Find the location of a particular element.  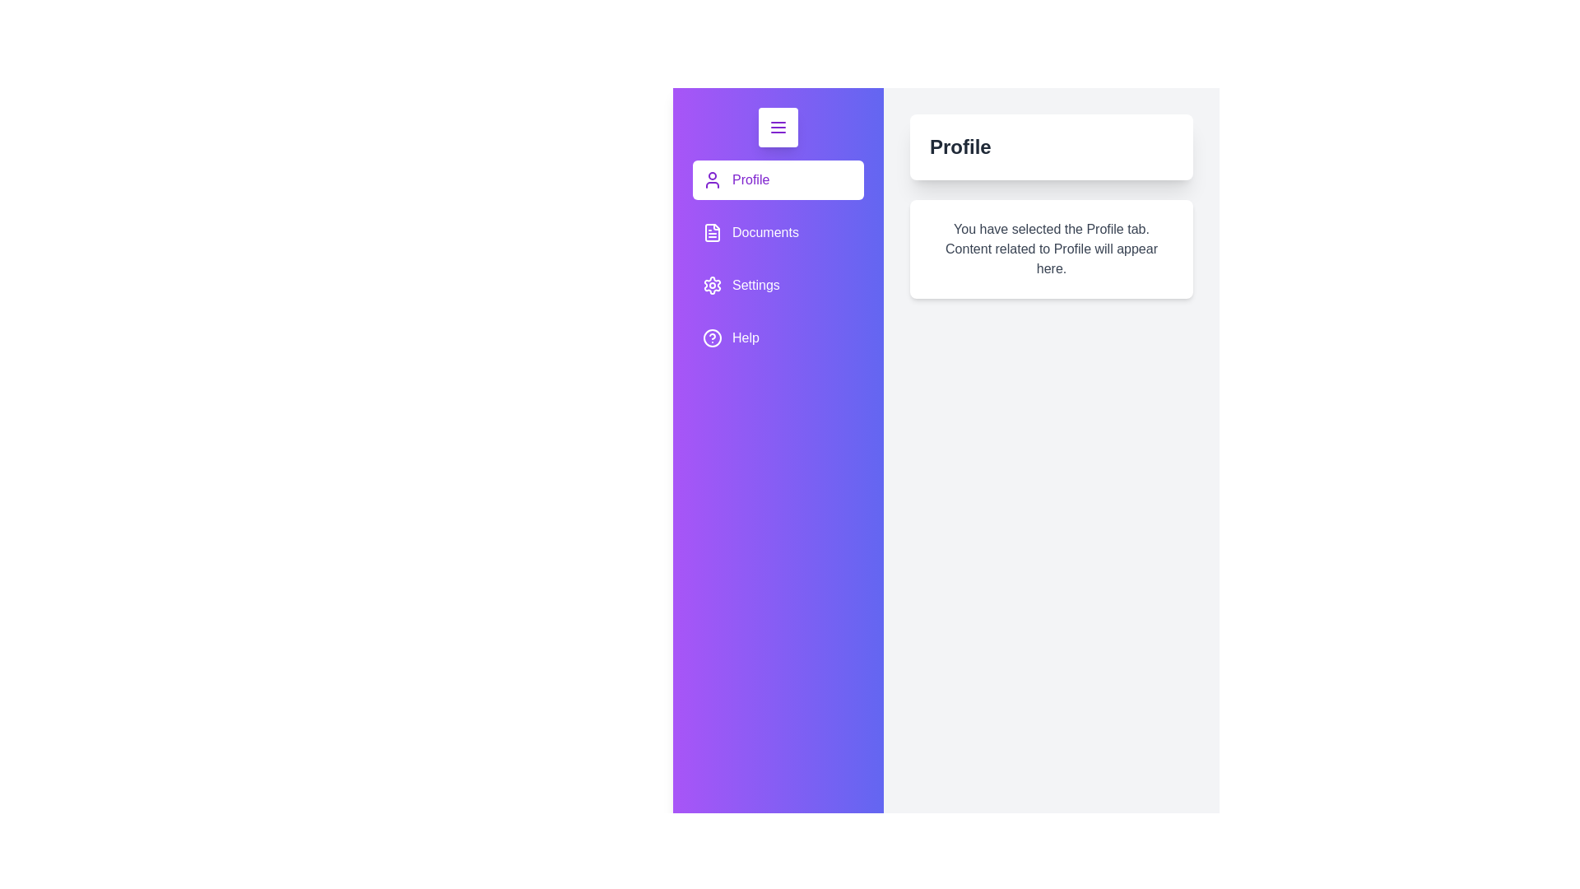

the Documents tab to view its content is located at coordinates (777, 232).